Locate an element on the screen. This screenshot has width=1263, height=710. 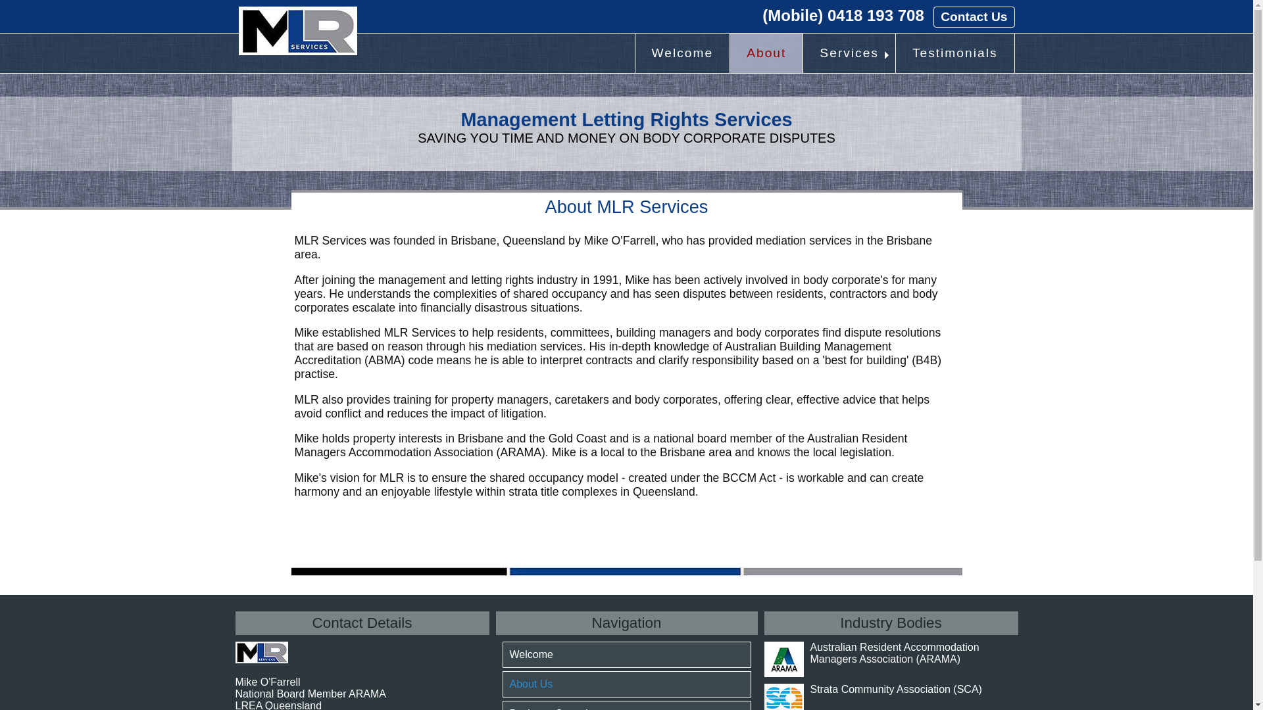
'(Mobile) 0418 193 708' is located at coordinates (843, 15).